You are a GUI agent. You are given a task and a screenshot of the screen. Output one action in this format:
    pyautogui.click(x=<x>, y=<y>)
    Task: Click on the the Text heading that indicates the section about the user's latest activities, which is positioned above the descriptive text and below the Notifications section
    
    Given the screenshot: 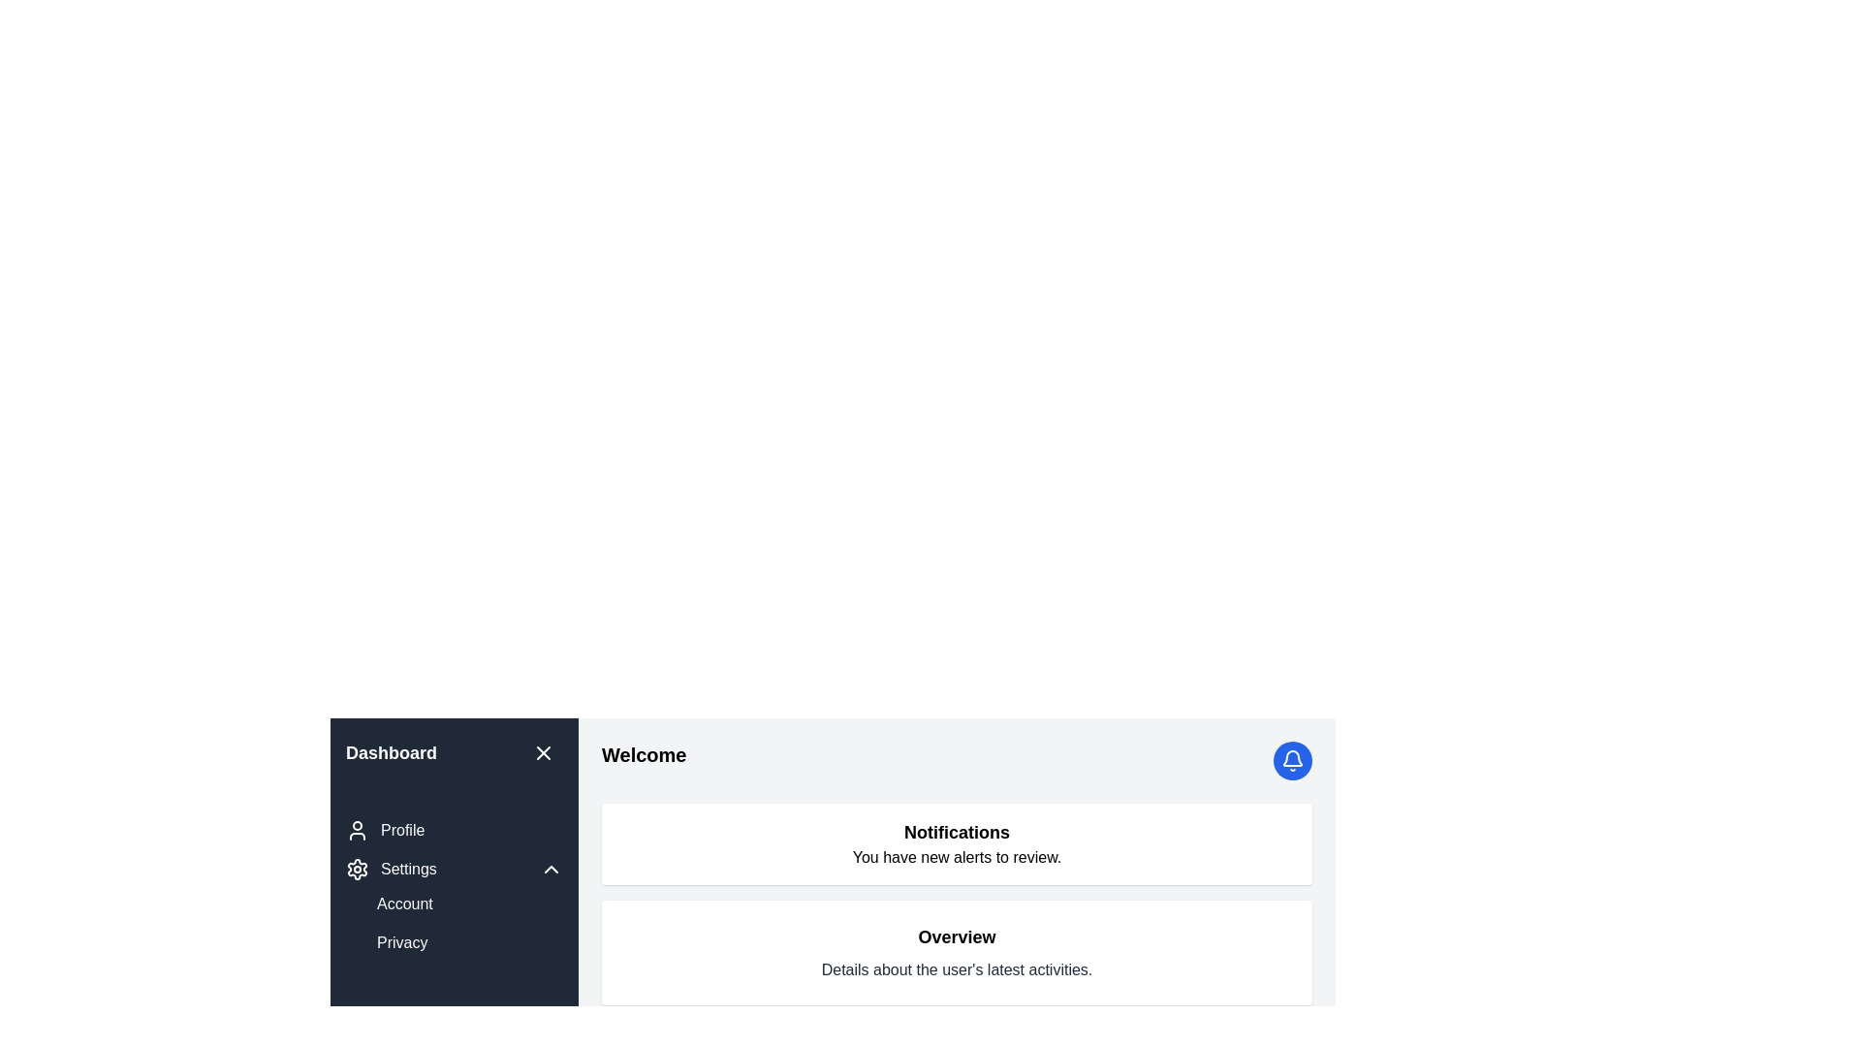 What is the action you would take?
    pyautogui.click(x=957, y=936)
    